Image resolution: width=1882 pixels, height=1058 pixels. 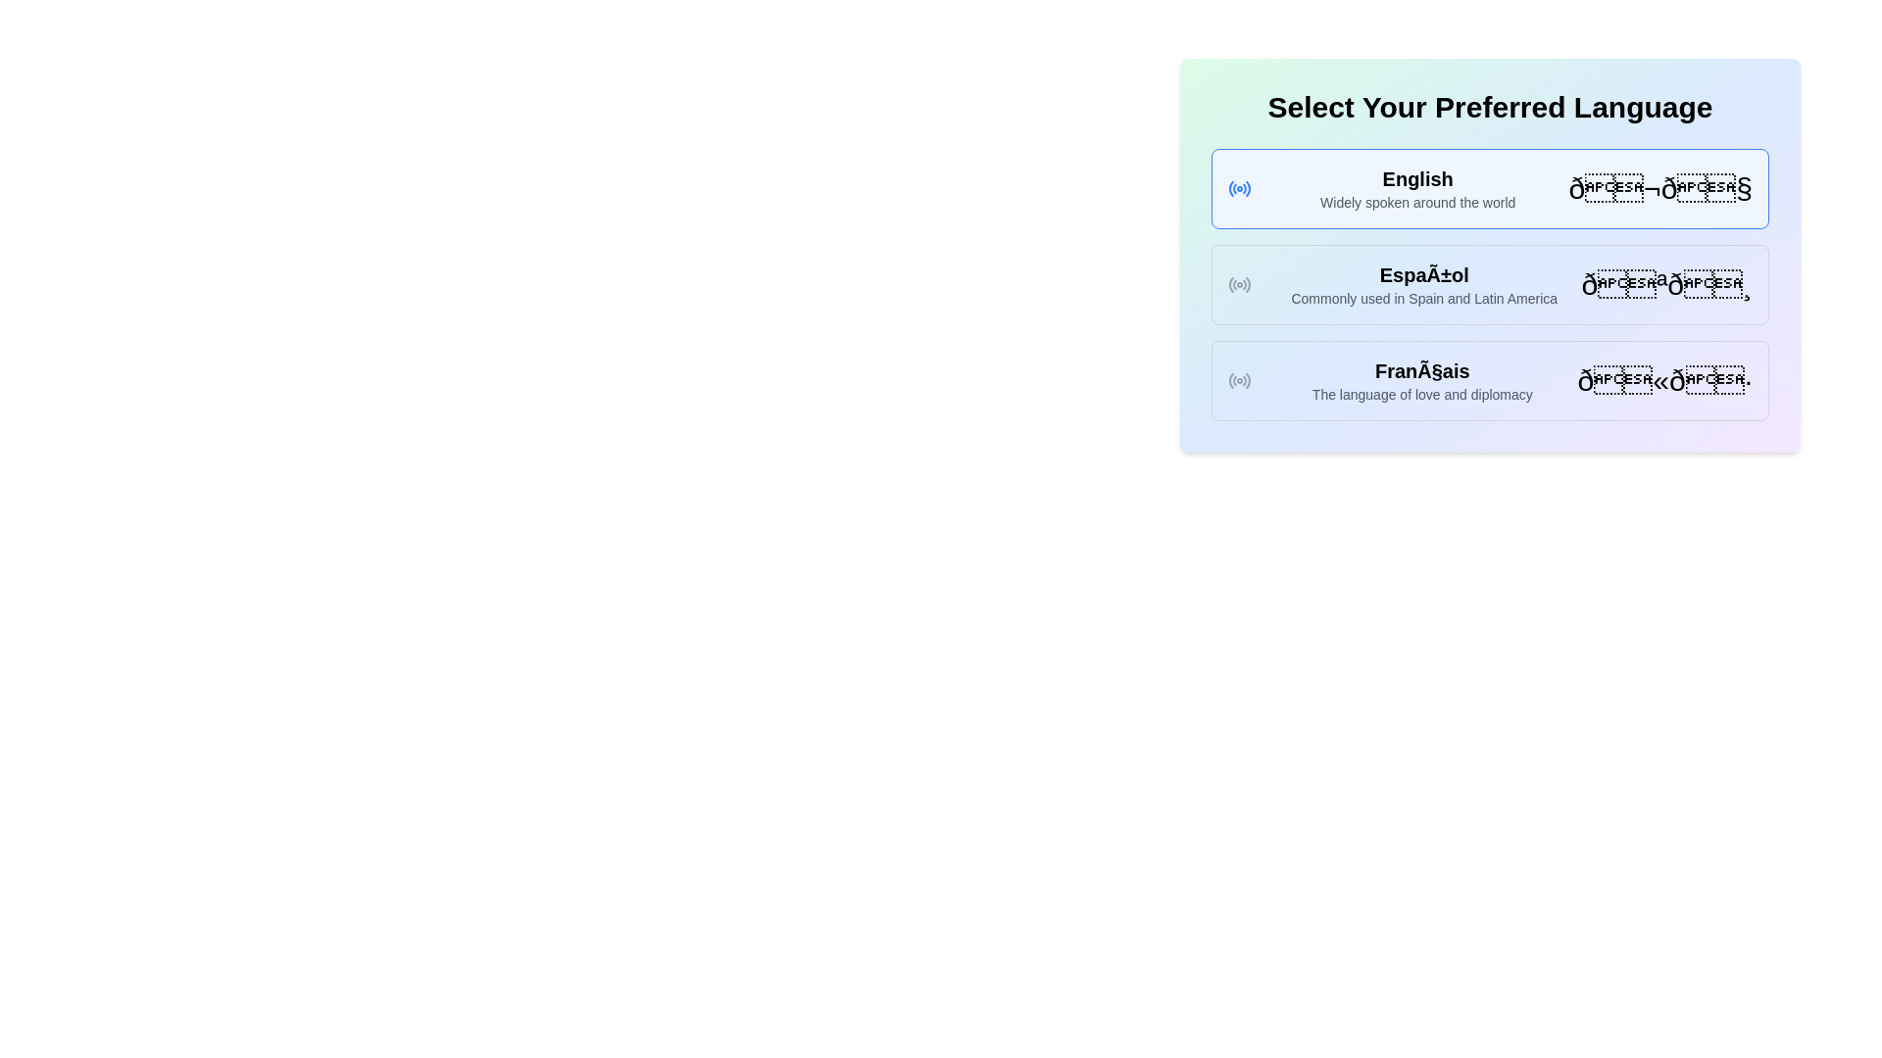 I want to click on the SVG icon representing the radio signal for the 'English' language option, which is located within the first selection option and is the outermost arc on the right side, so click(x=1247, y=188).